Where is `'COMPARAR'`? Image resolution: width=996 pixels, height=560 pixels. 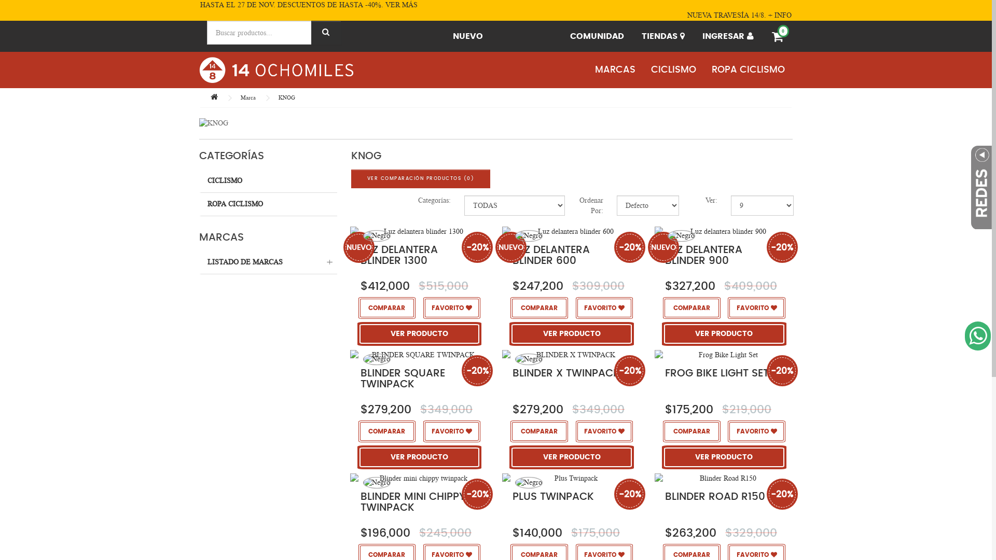 'COMPARAR' is located at coordinates (386, 307).